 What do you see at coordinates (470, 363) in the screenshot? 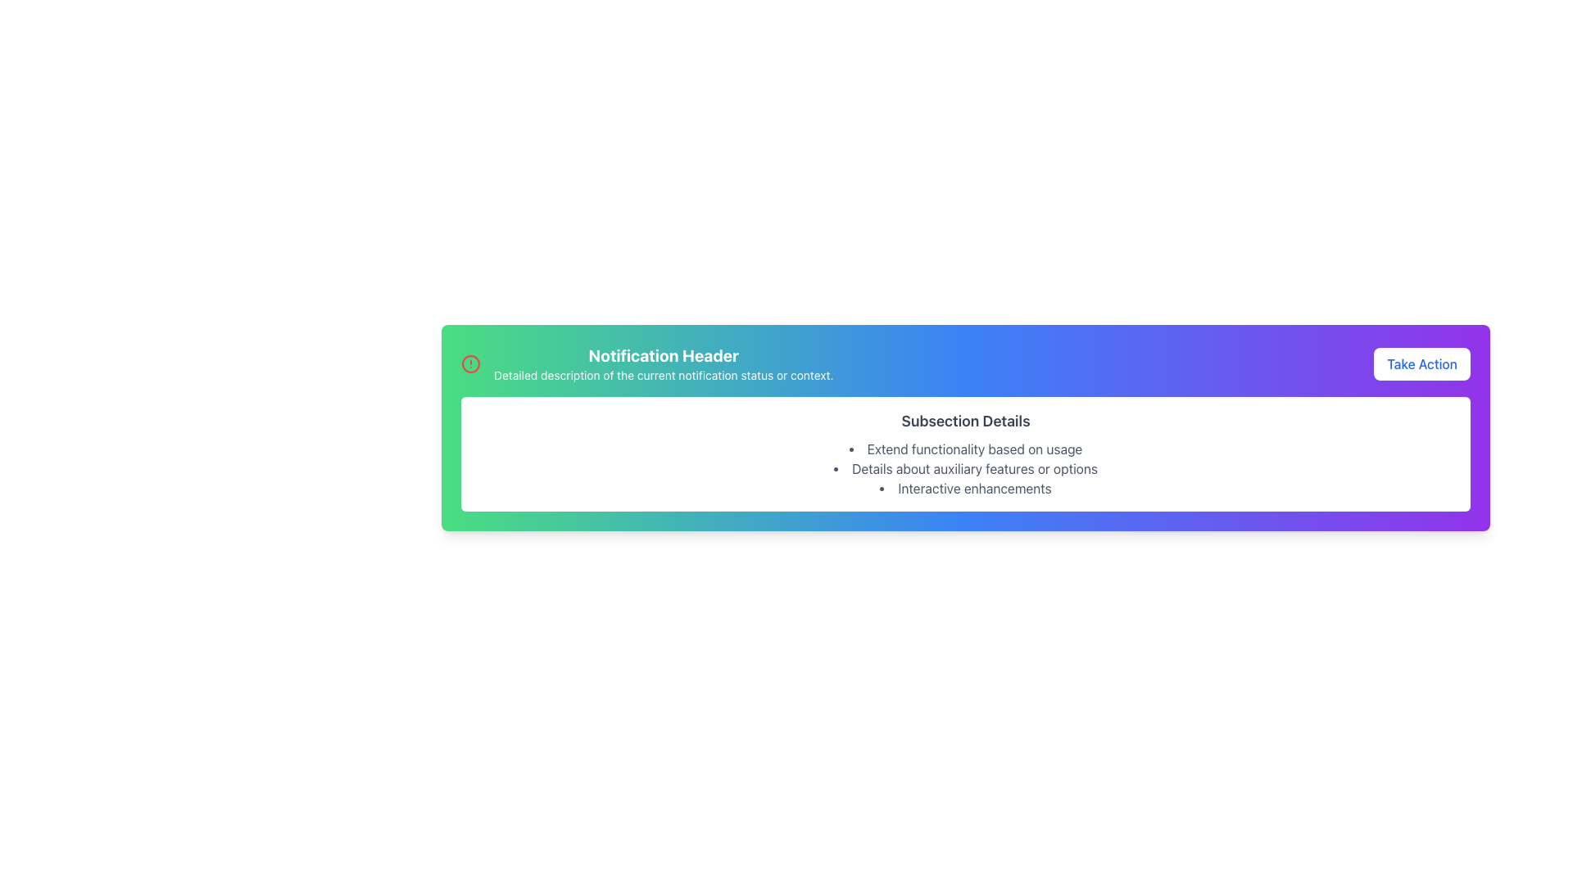
I see `the circular alert icon with a red border located in the upper-left corner of the notification banner, adjacent to the 'Notification Header'` at bounding box center [470, 363].